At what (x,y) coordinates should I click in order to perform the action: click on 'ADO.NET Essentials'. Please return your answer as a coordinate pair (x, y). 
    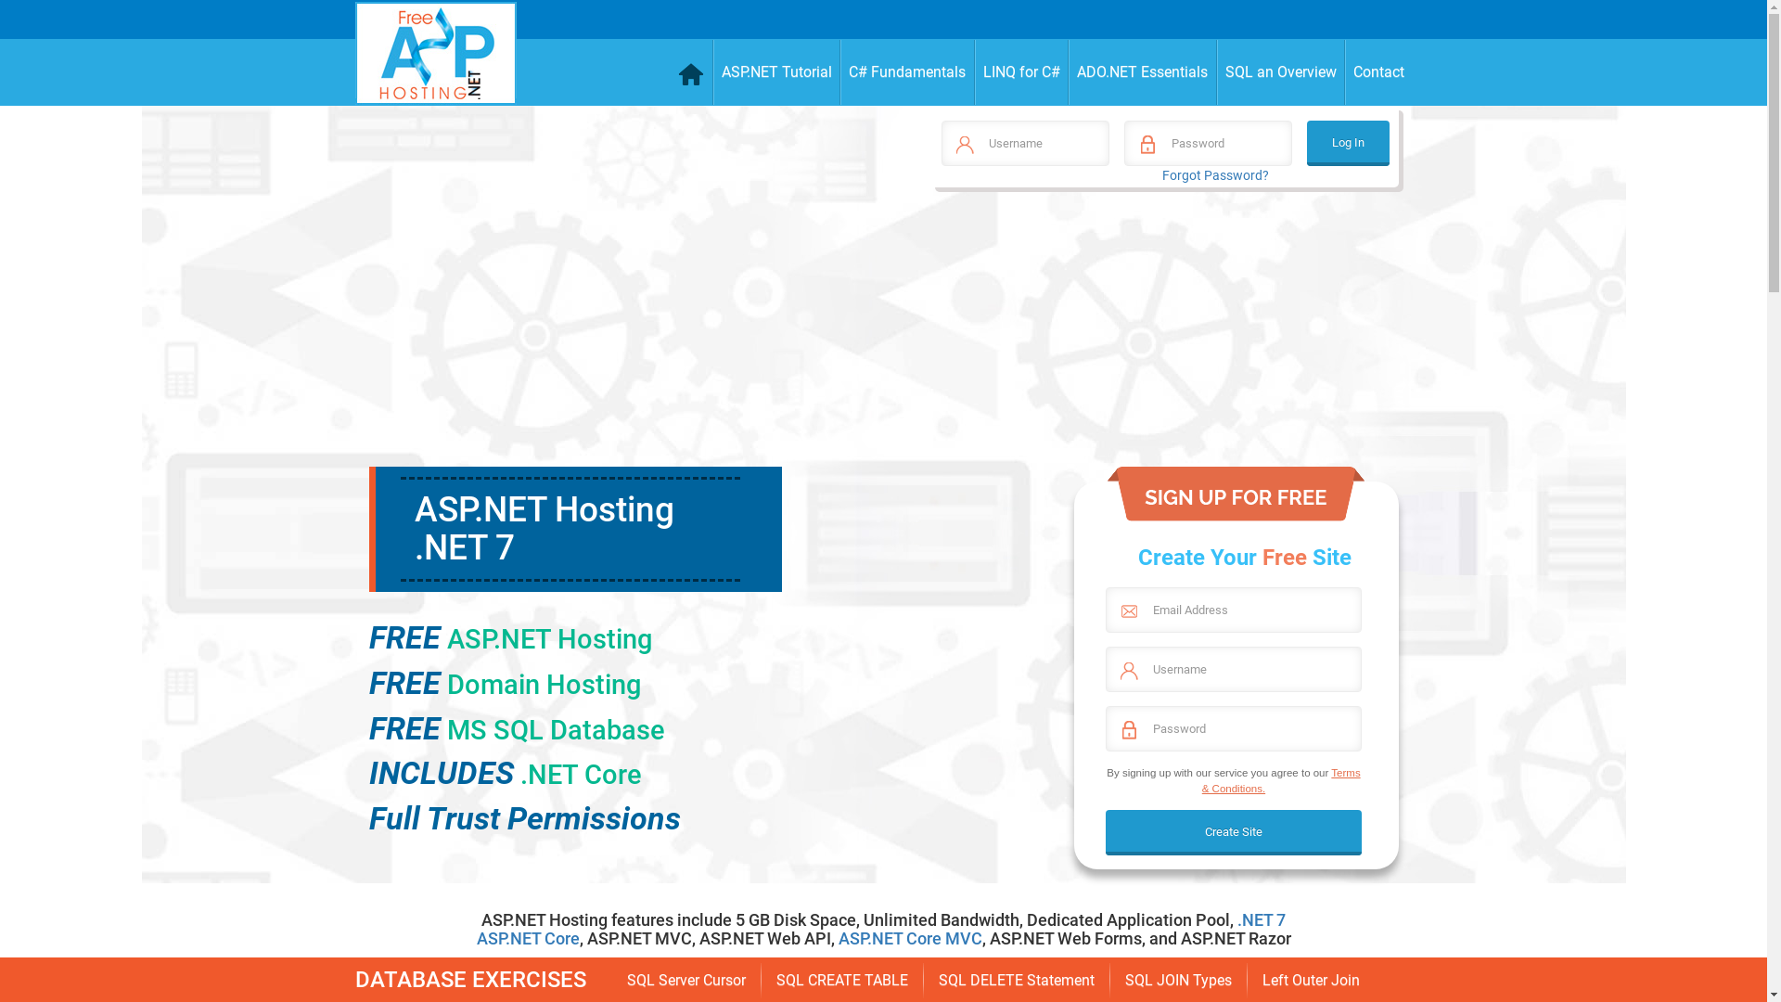
    Looking at the image, I should click on (1142, 71).